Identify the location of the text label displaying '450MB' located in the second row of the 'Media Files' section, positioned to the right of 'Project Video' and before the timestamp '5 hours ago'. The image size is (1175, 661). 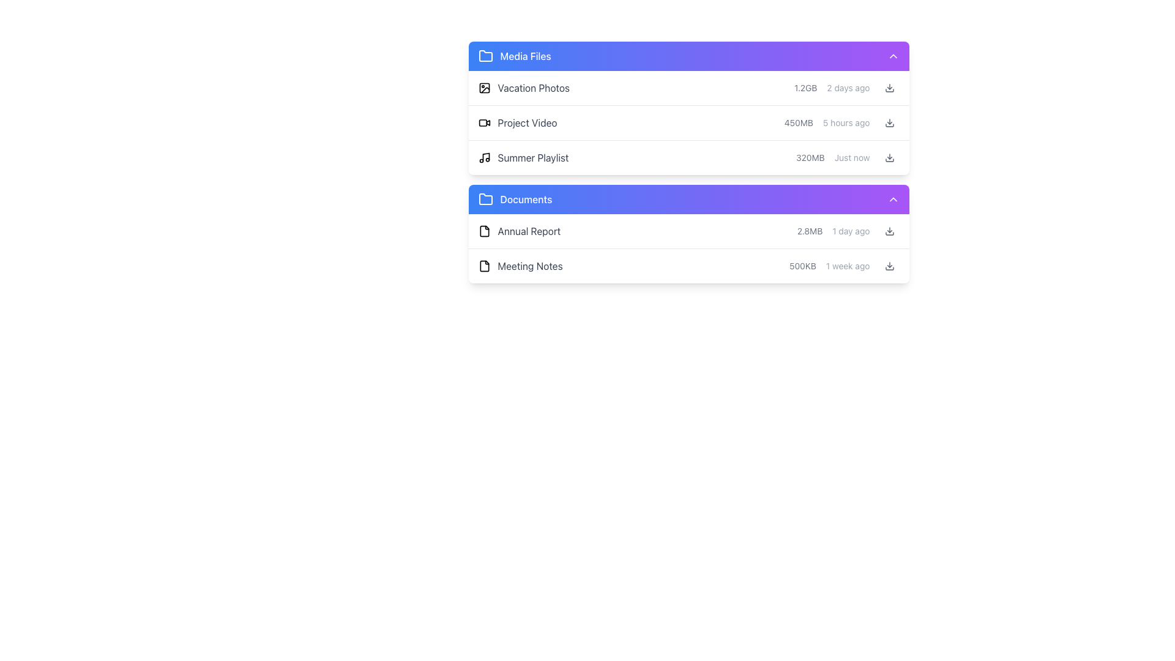
(799, 122).